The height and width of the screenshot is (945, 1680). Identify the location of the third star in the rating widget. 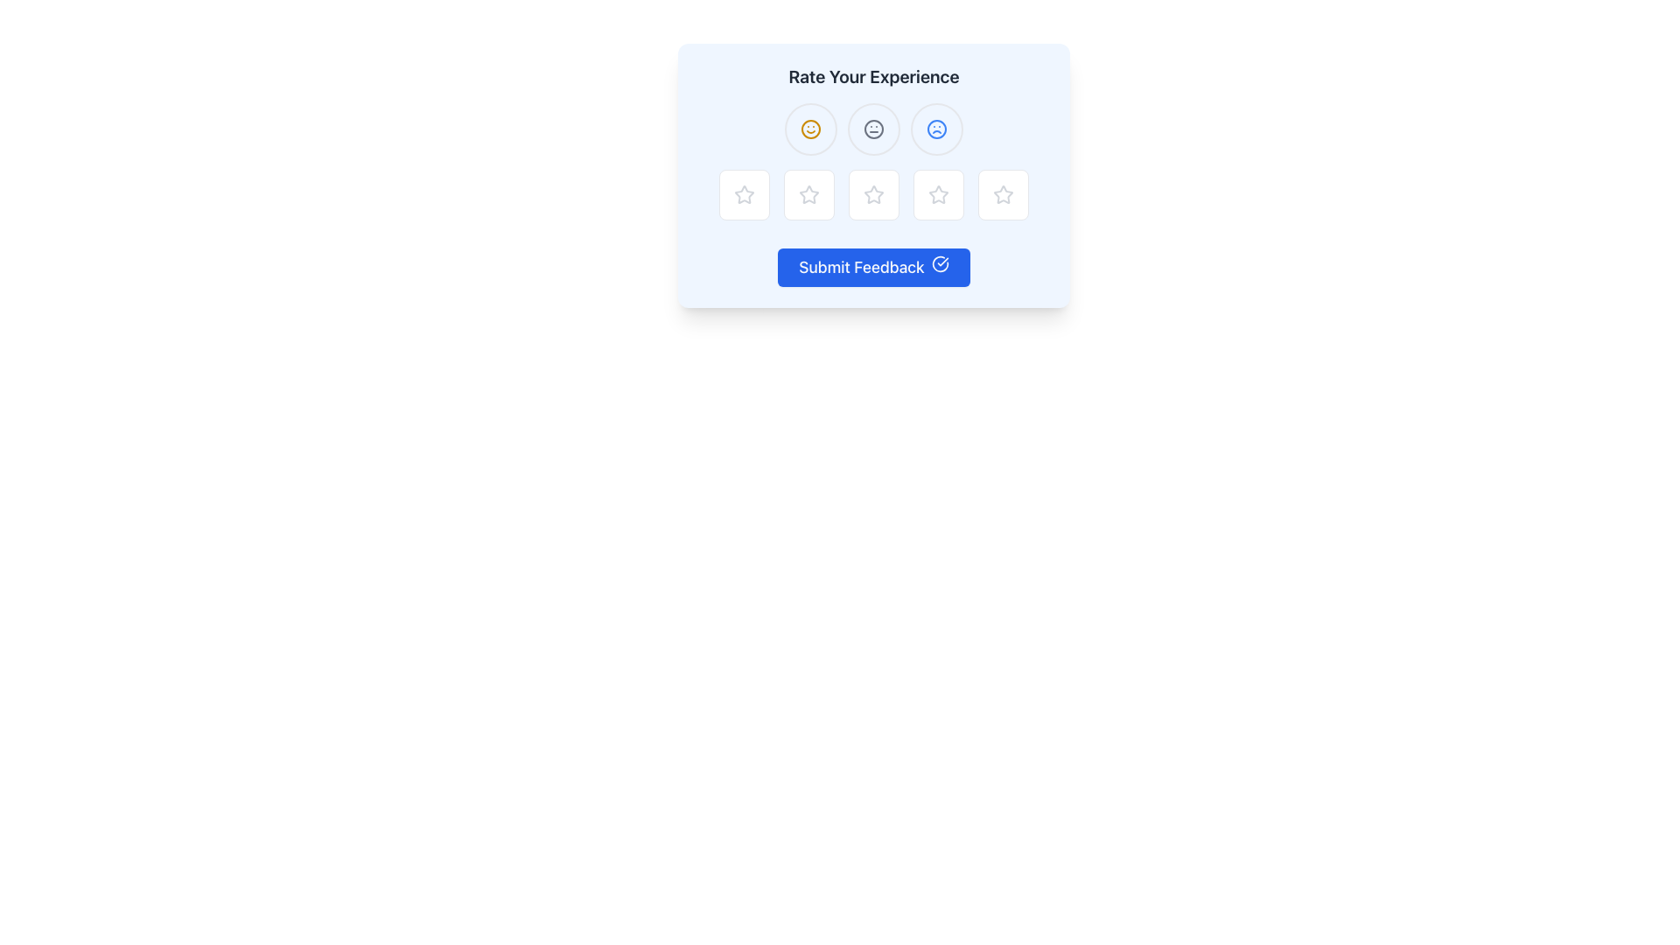
(873, 195).